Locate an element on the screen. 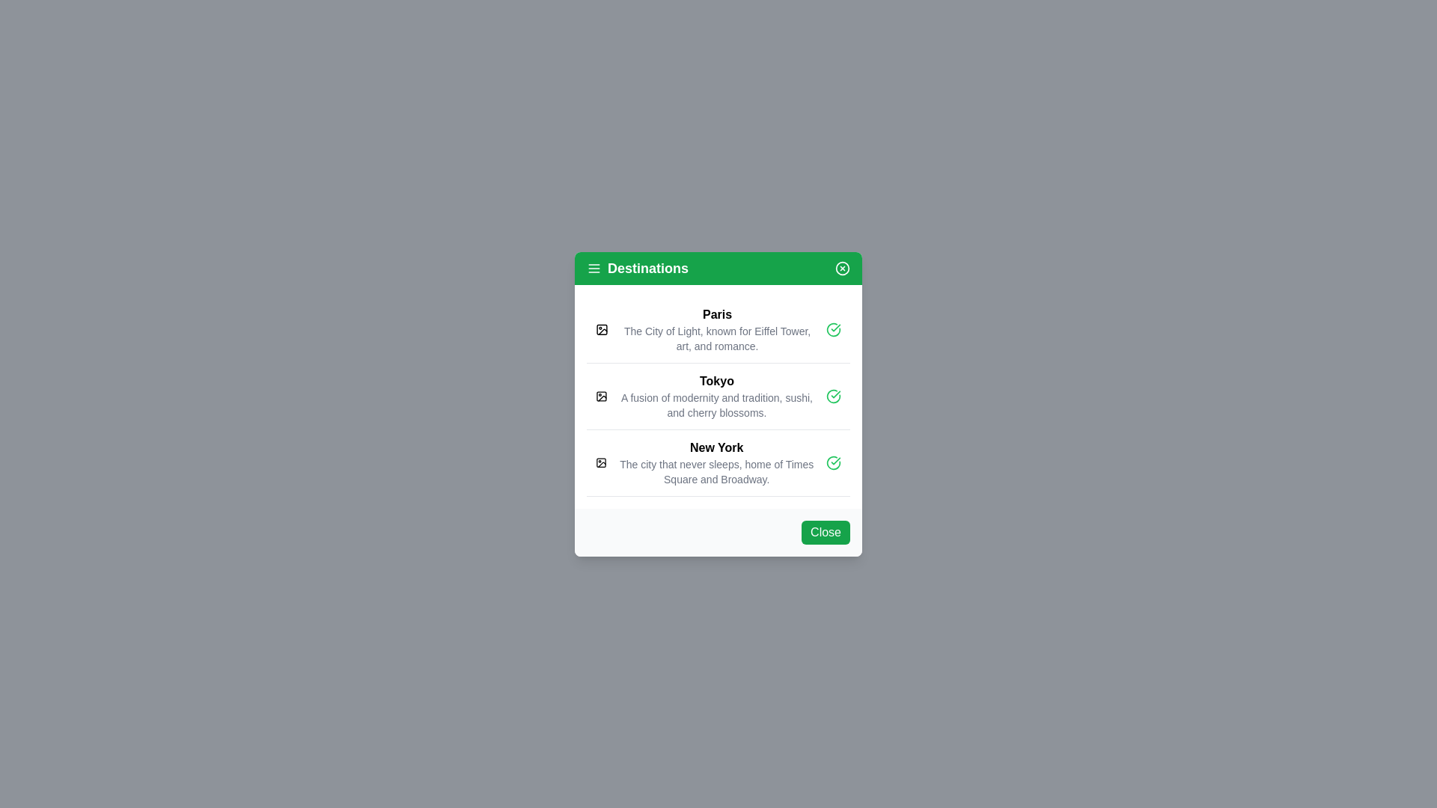  the checkmark icon on the list item labeled 'Tokyo' is located at coordinates (718, 395).